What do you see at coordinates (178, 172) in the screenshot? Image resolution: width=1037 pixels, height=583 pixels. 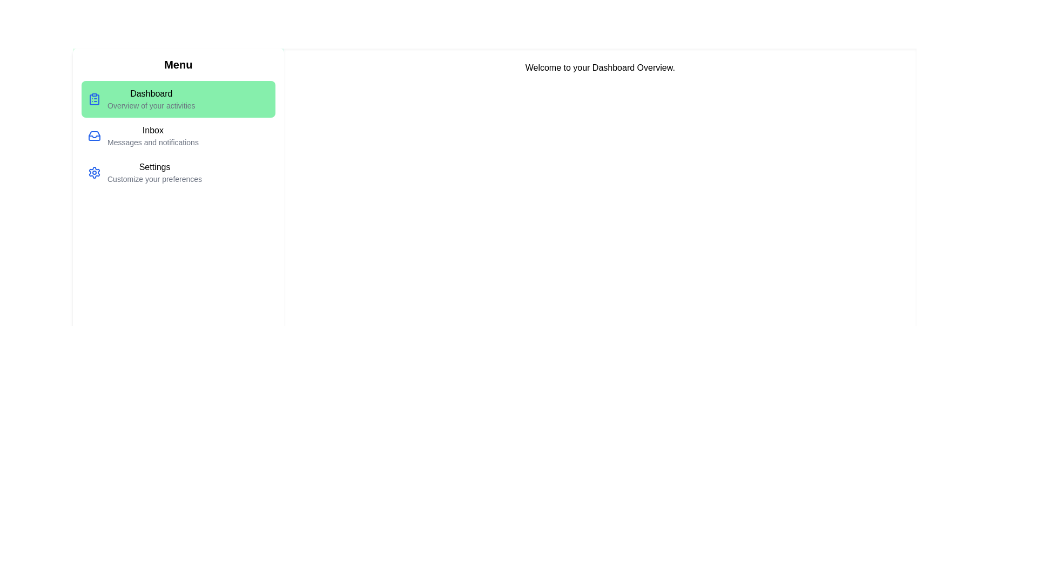 I see `the menu item Settings to navigate to the corresponding section` at bounding box center [178, 172].